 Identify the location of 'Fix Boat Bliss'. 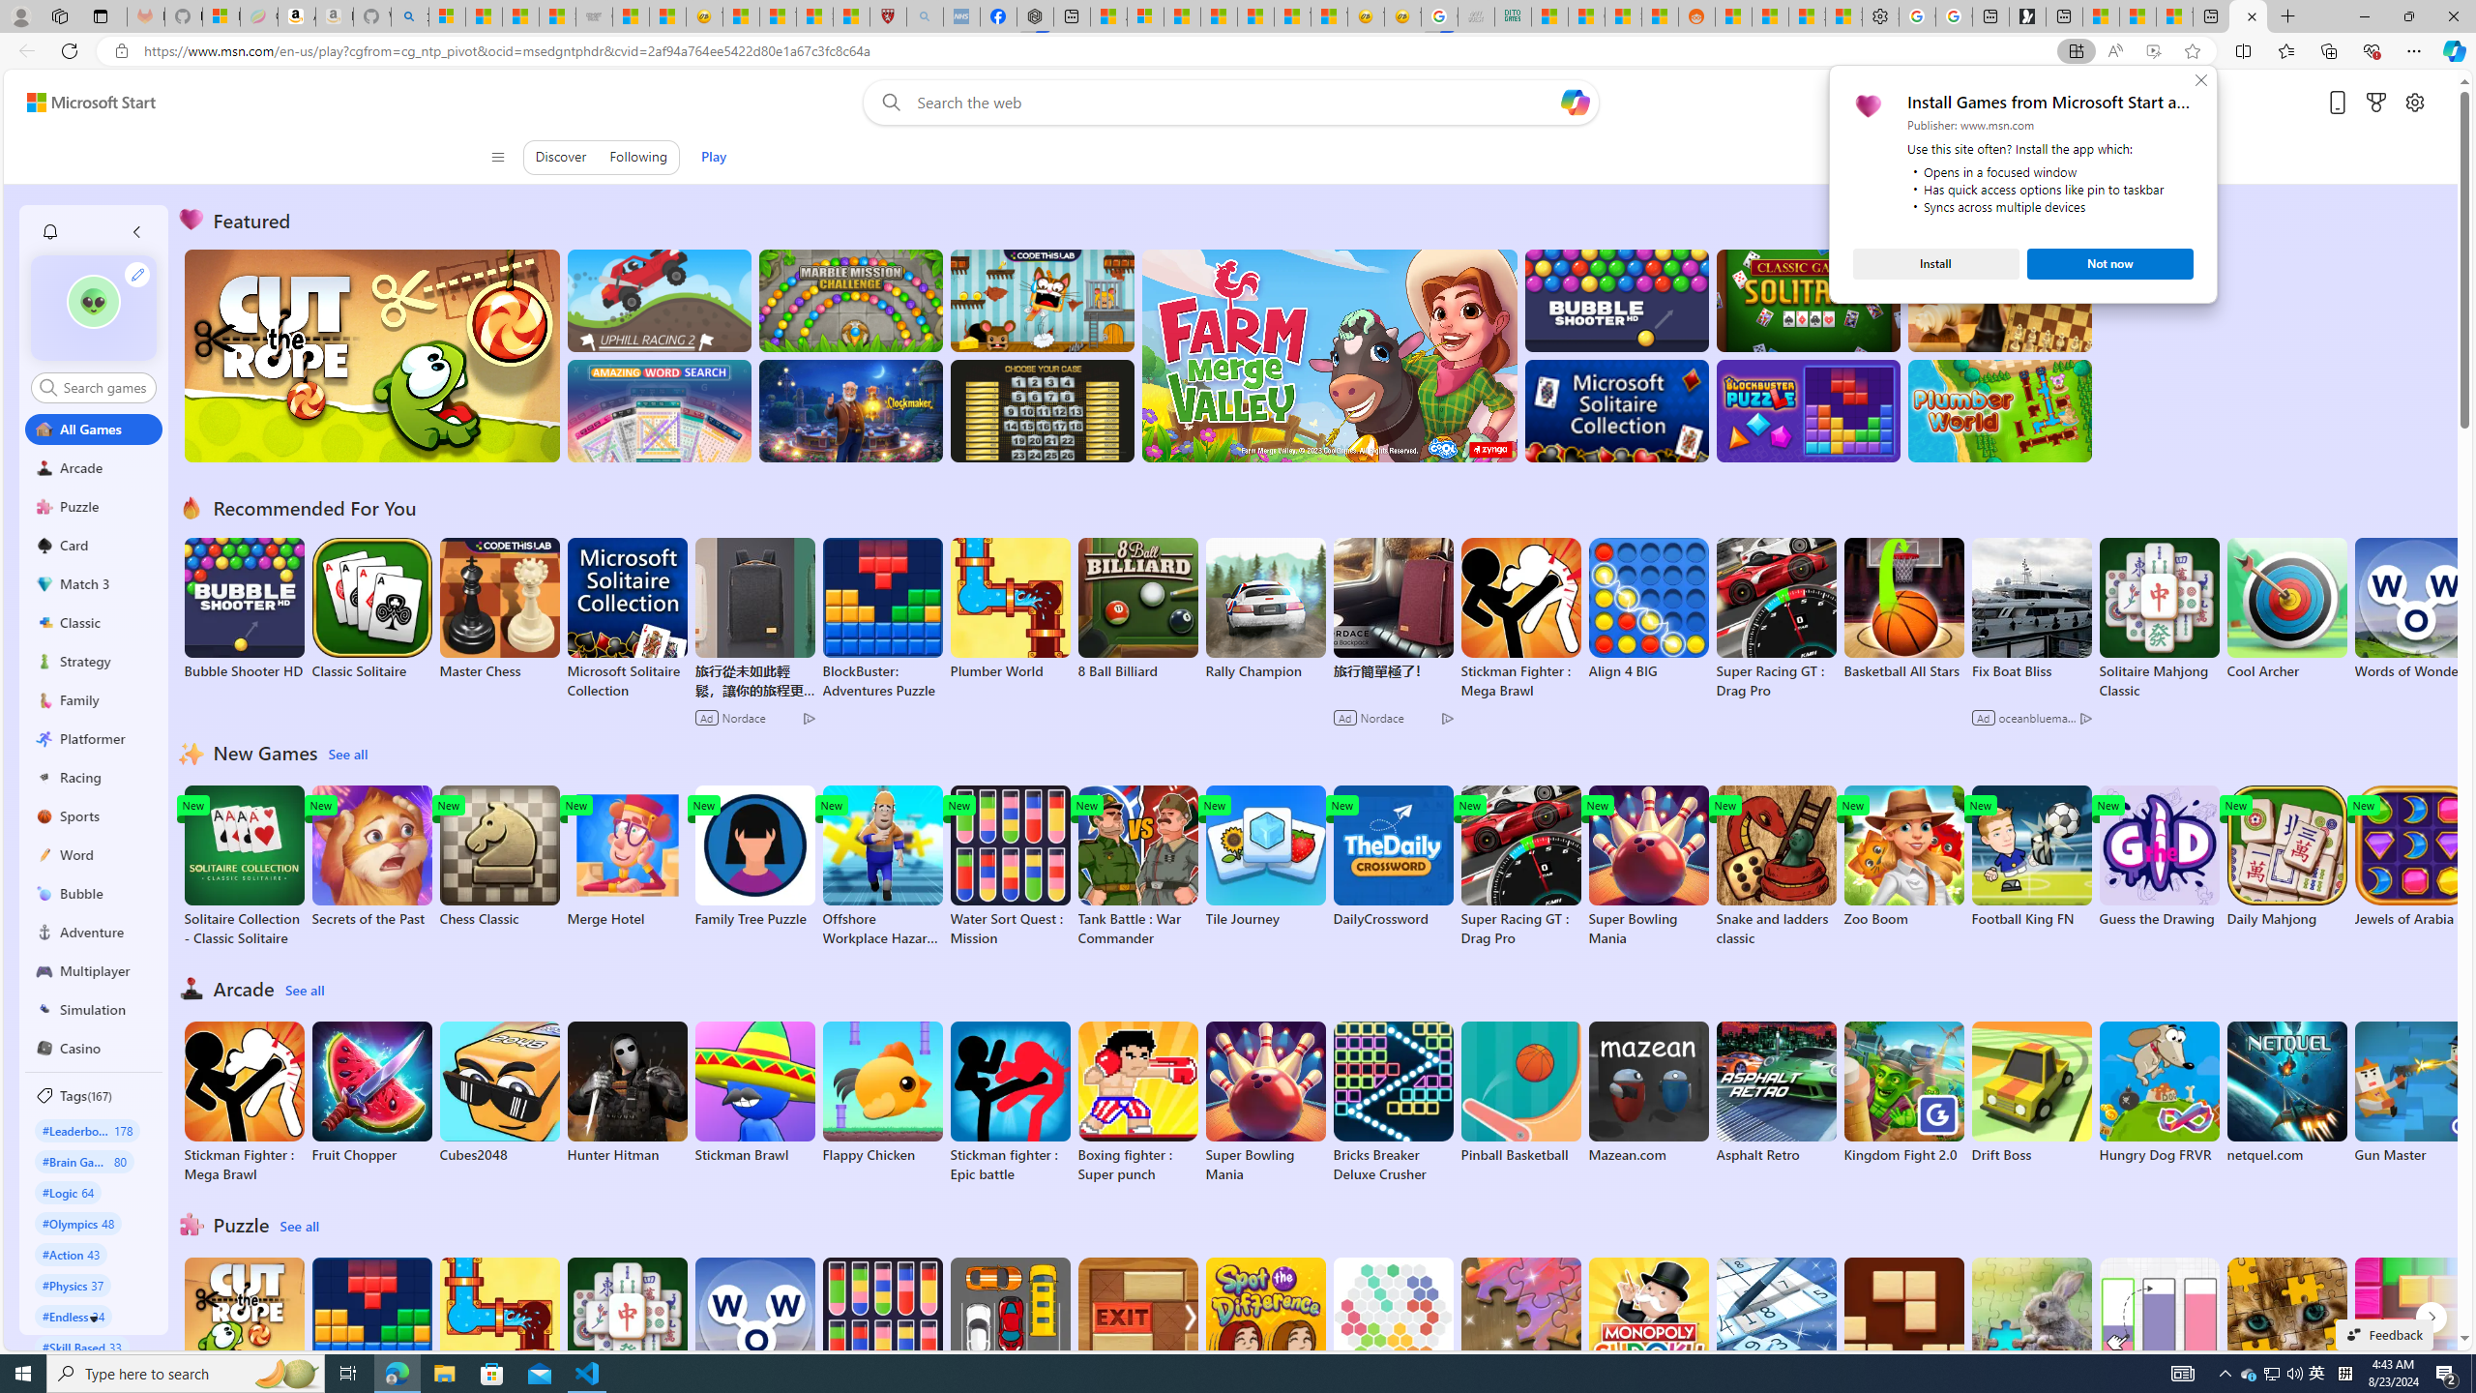
(2030, 670).